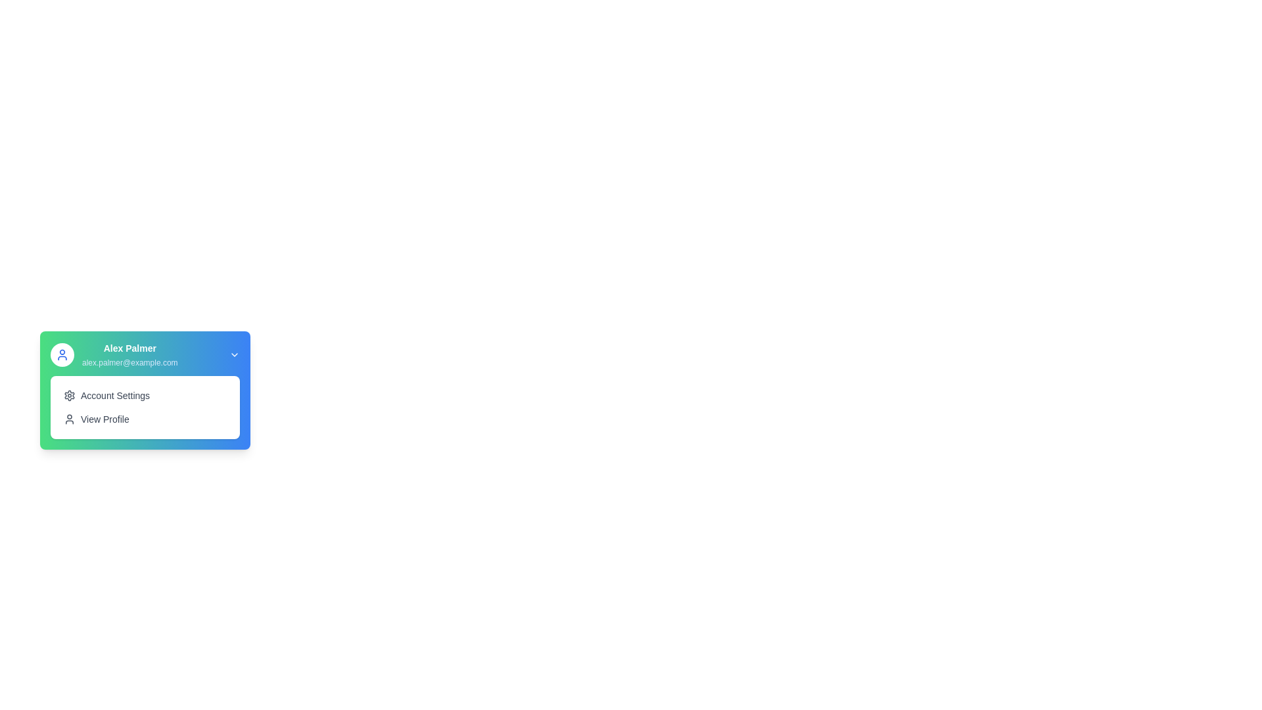  Describe the element at coordinates (129, 347) in the screenshot. I see `the Text label displaying 'Alex Palmer' in bold white text, located at the top of a card-like interface, which features a gradient background from green to blue` at that location.